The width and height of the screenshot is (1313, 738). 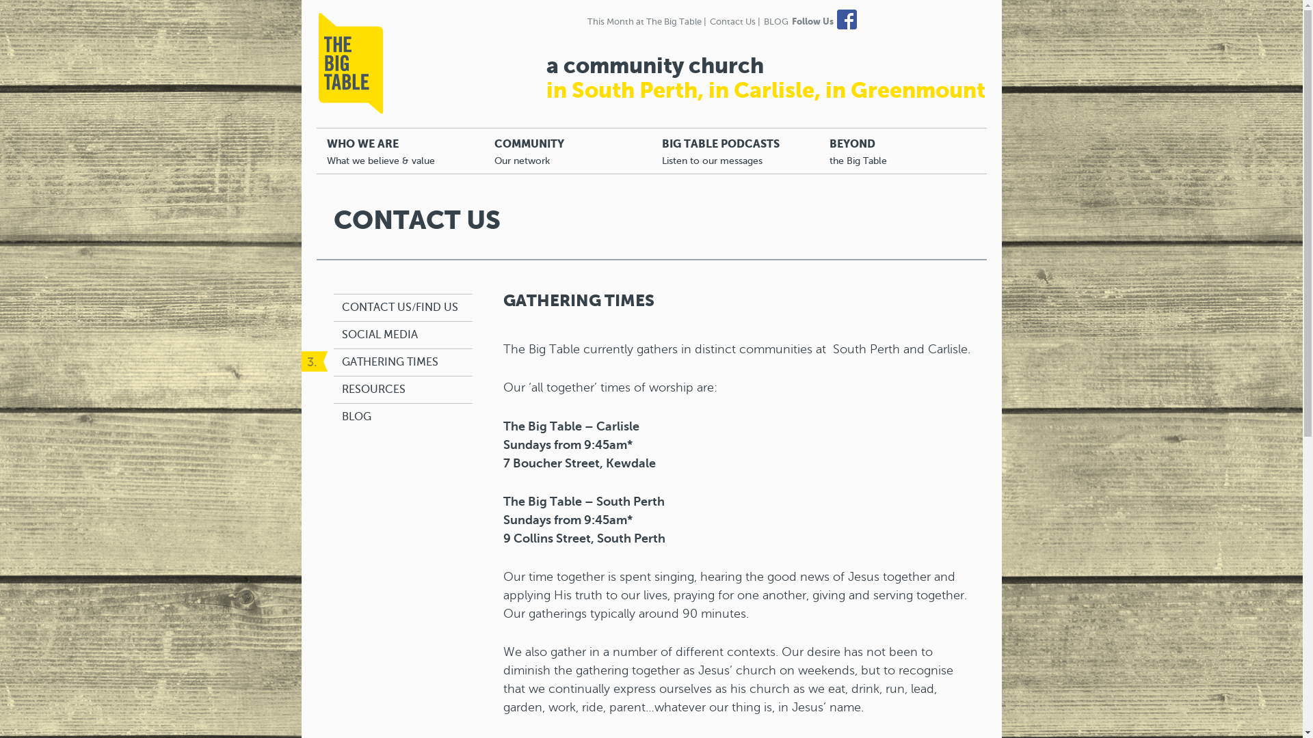 What do you see at coordinates (380, 335) in the screenshot?
I see `'SOCIAL MEDIA'` at bounding box center [380, 335].